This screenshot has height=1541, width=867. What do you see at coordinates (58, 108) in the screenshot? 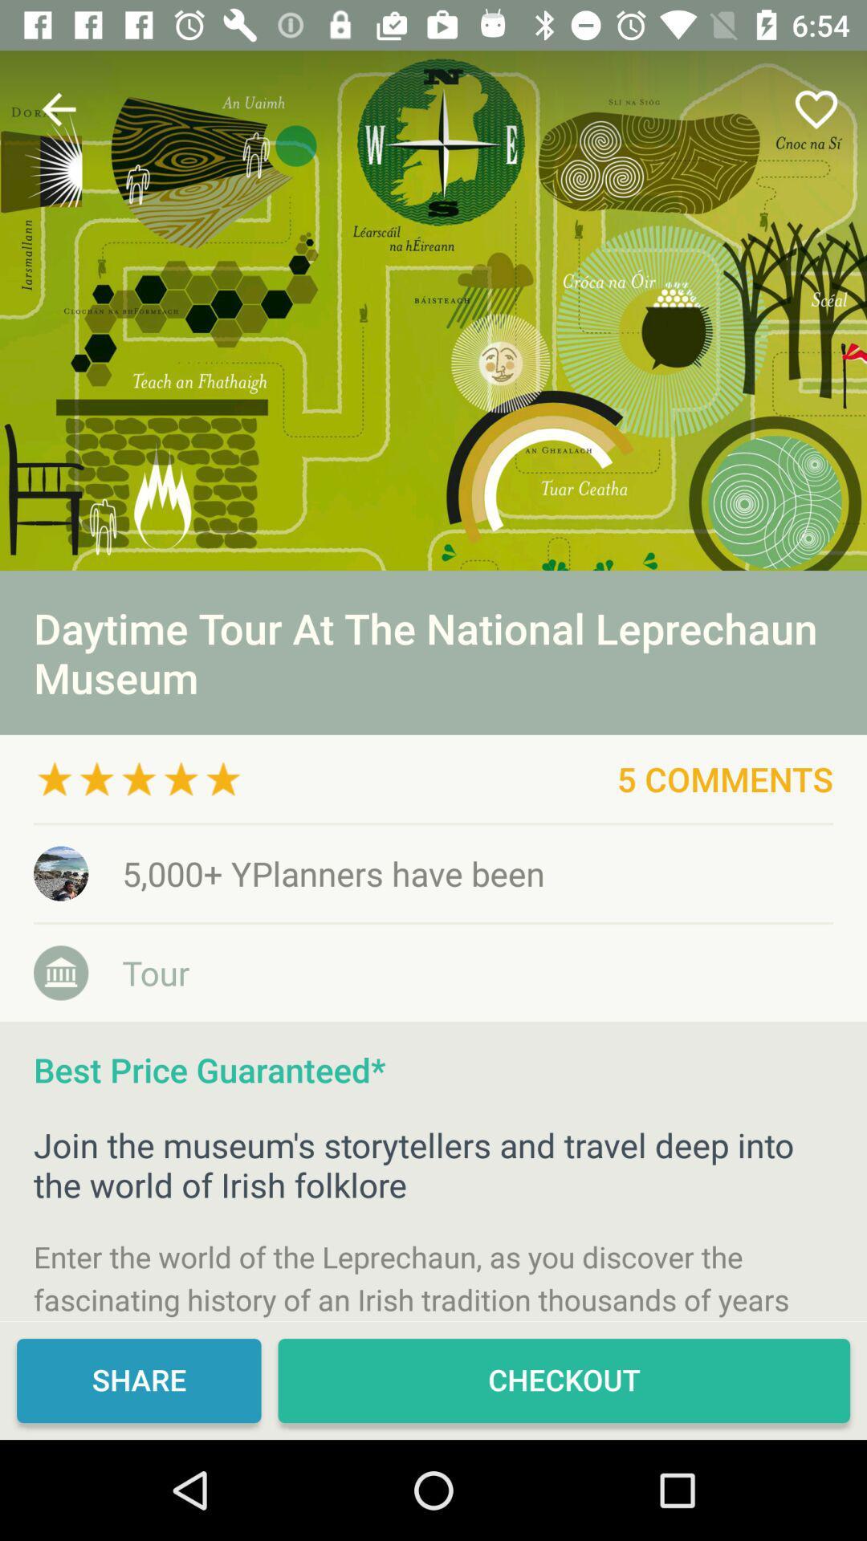
I see `go back` at bounding box center [58, 108].